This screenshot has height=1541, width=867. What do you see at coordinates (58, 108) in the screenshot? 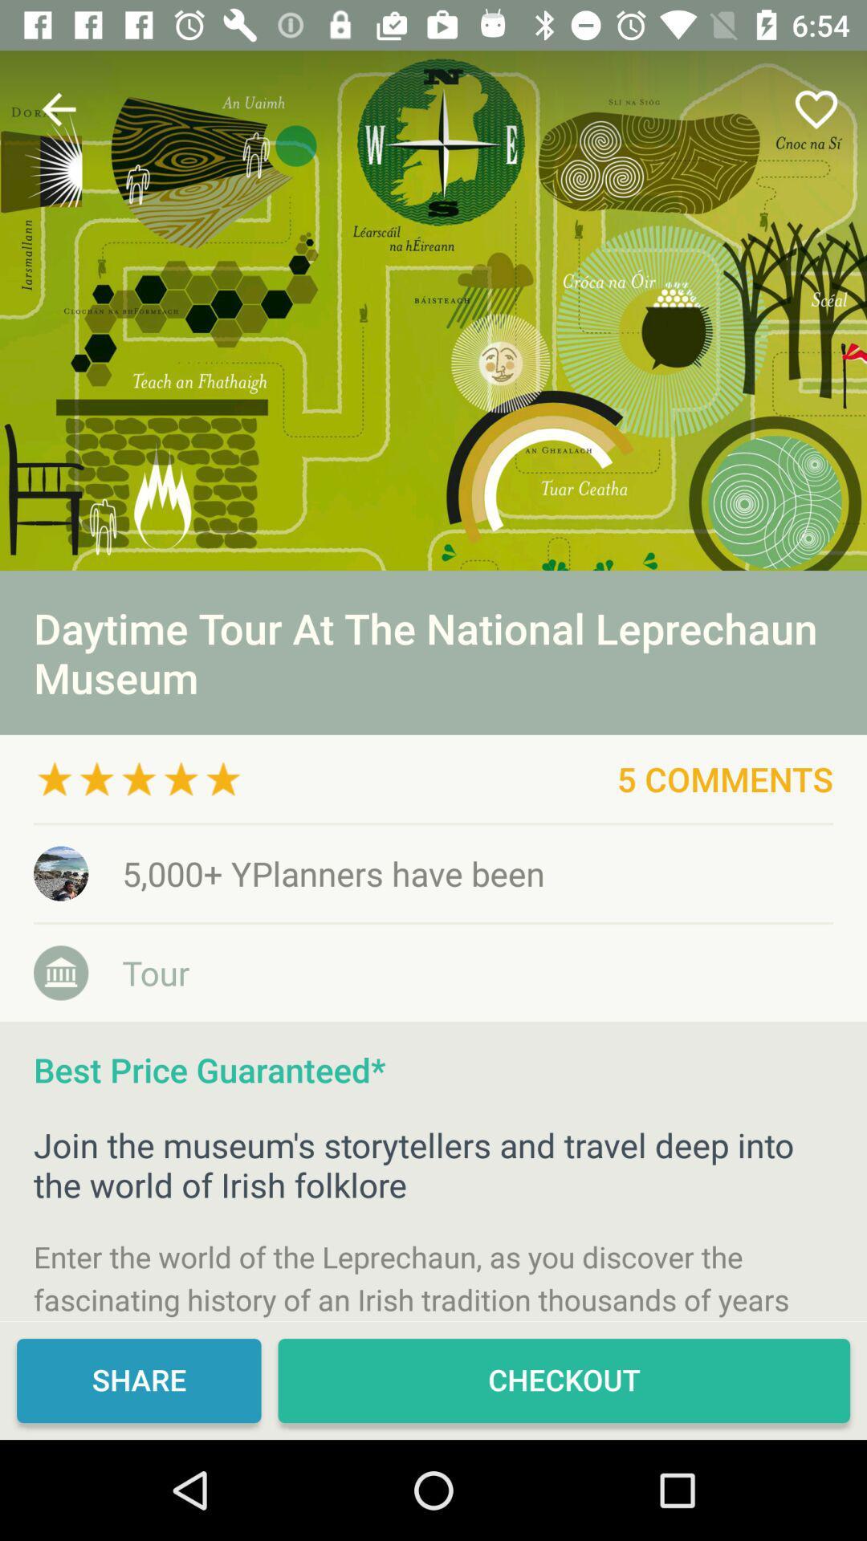
I see `go back` at bounding box center [58, 108].